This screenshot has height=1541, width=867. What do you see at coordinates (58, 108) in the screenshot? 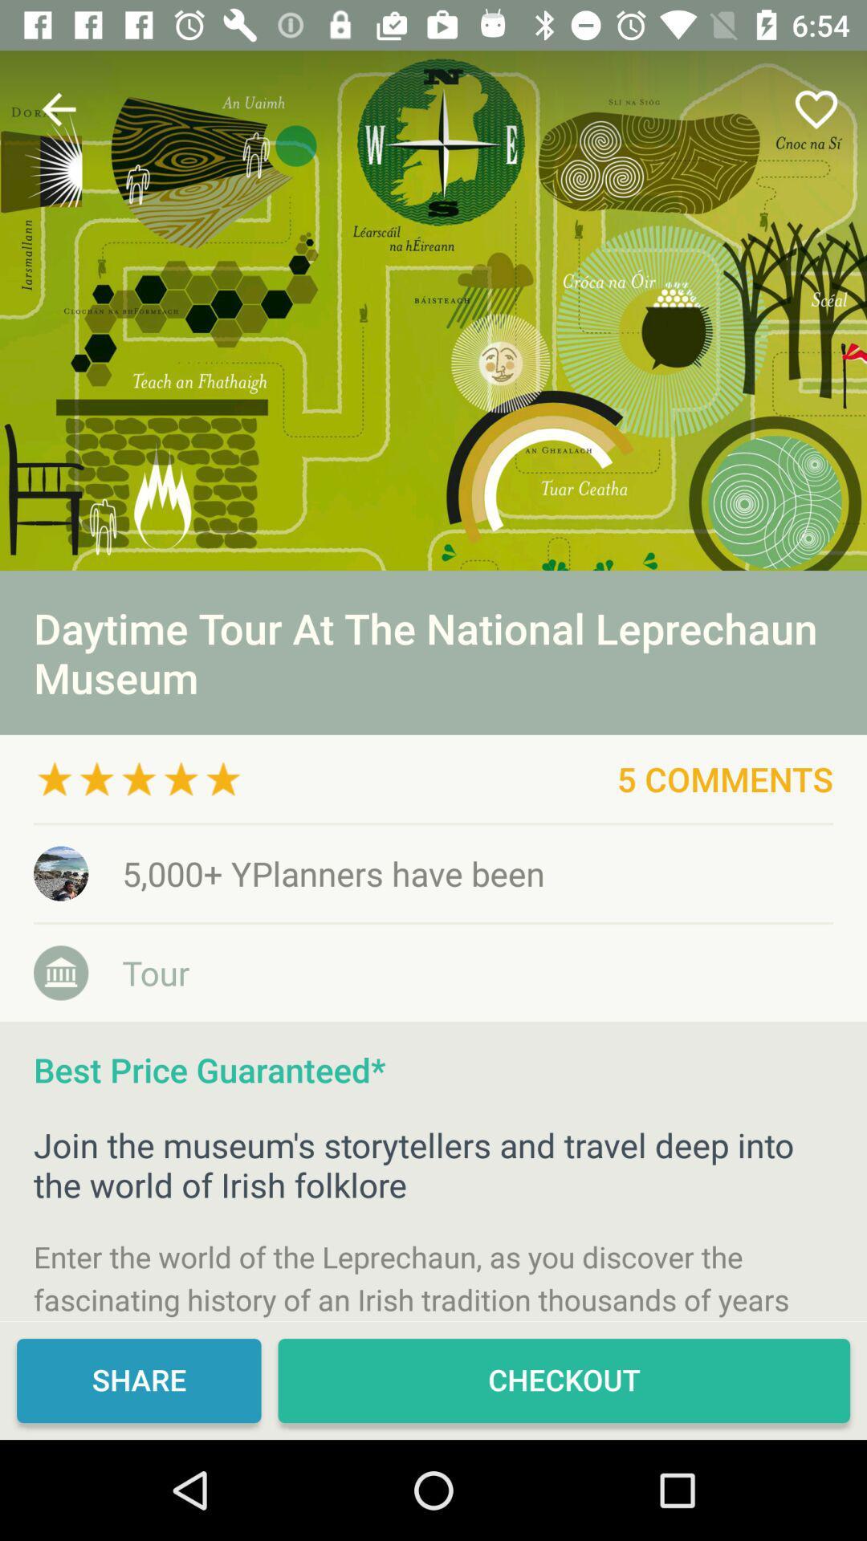
I see `go back` at bounding box center [58, 108].